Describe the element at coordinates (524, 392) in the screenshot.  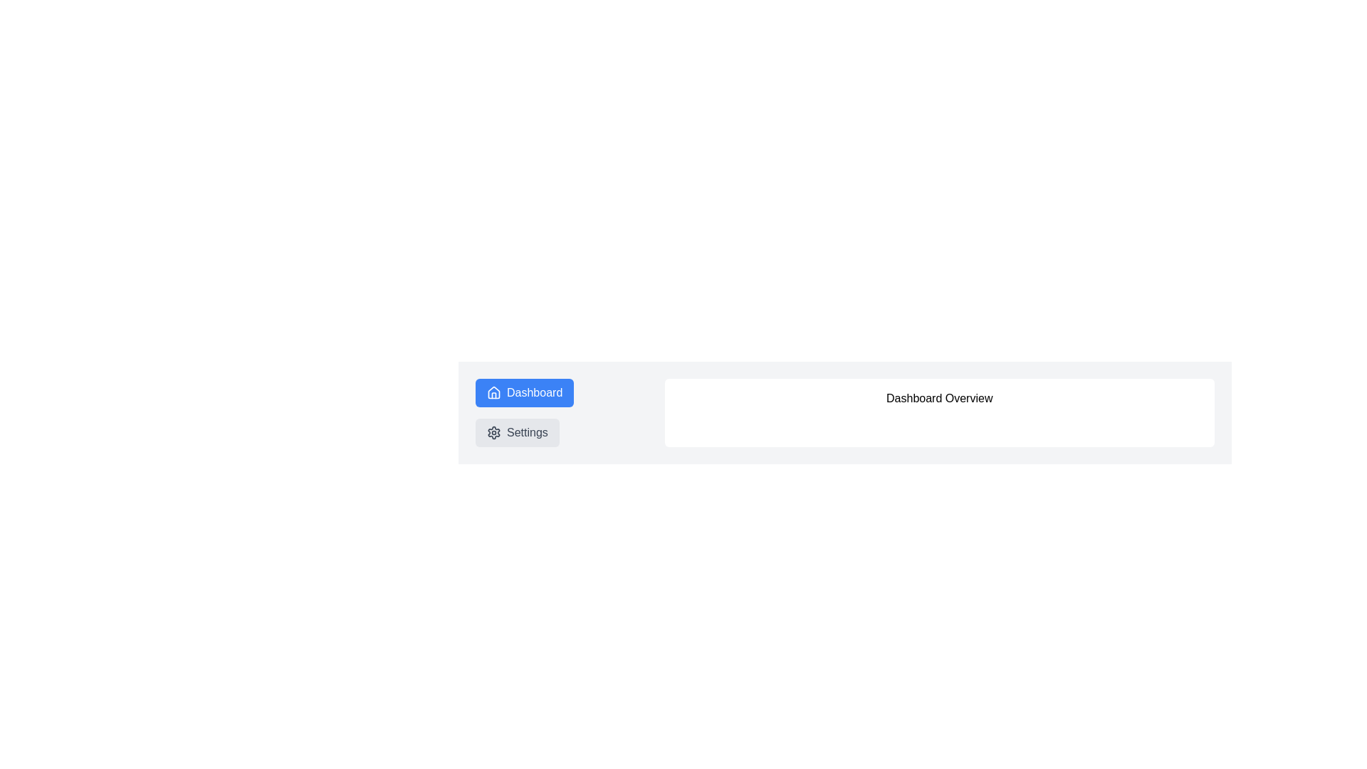
I see `the 'Dashboard' button, which has a house icon on the left and a blue background with white text` at that location.